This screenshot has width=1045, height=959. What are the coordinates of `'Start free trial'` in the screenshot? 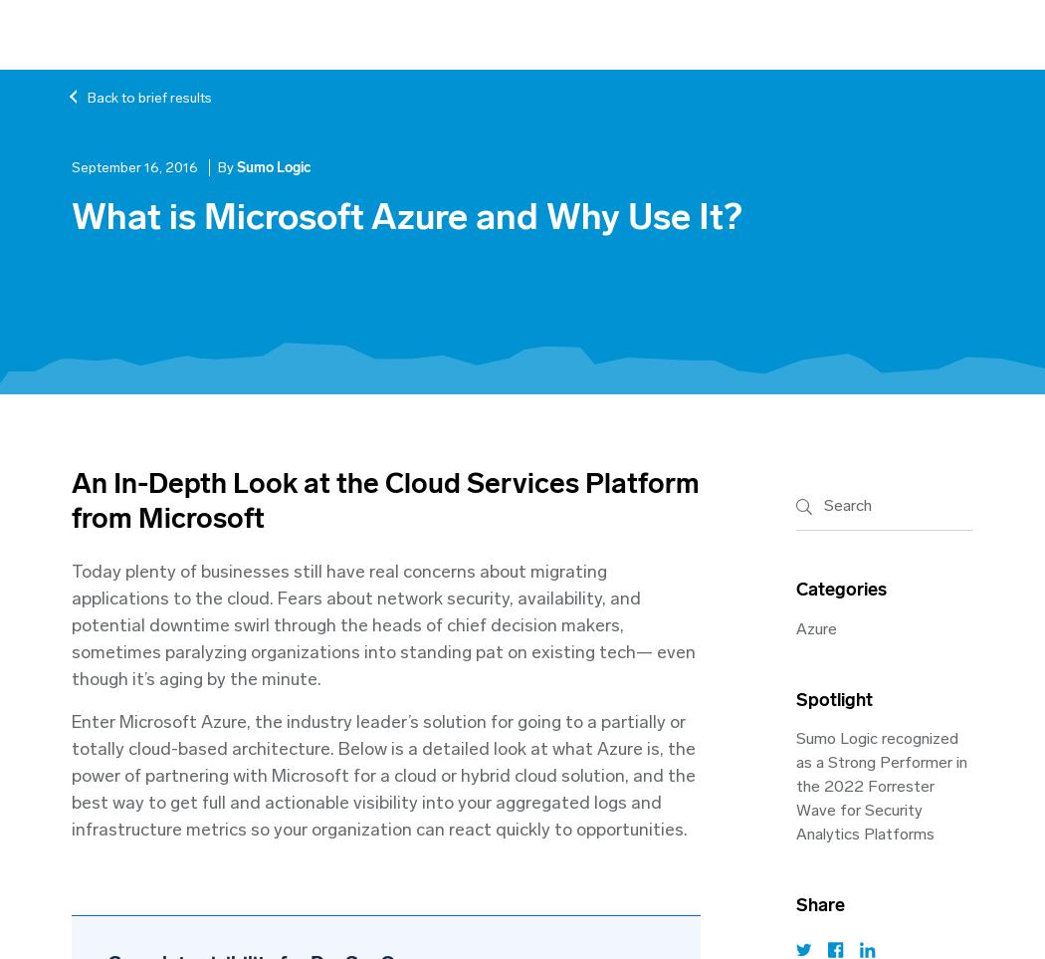 It's located at (836, 32).